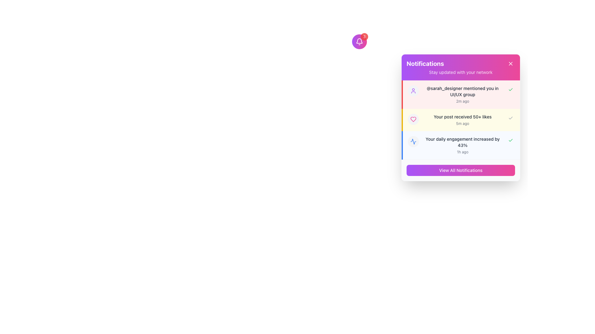 The image size is (595, 334). Describe the element at coordinates (462, 120) in the screenshot. I see `text from the second notification in the notification list panel, which indicates the popularity of a recent post with over 50 likes in the last 5 minutes` at that location.